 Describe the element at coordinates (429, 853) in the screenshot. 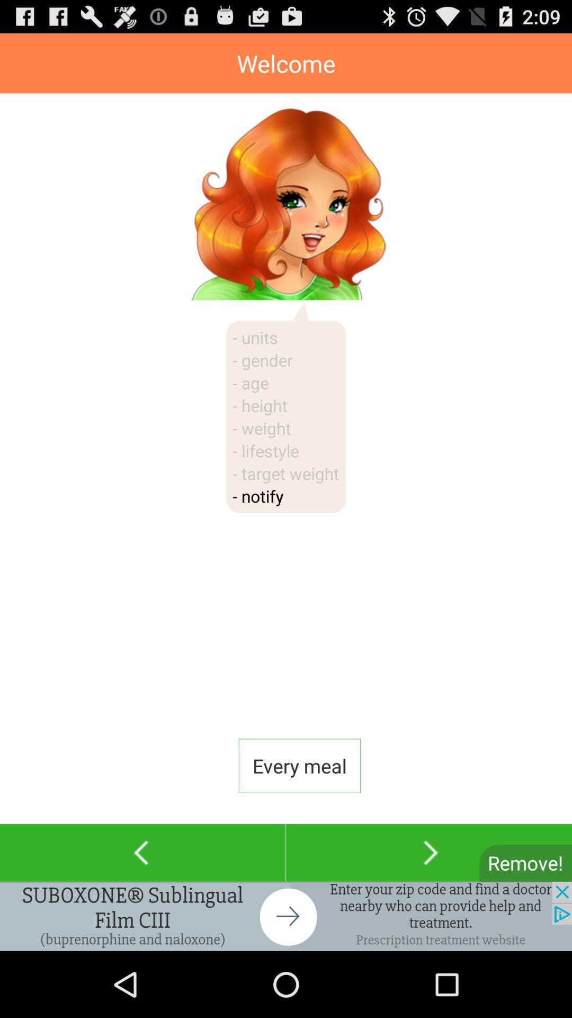

I see `next page` at that location.